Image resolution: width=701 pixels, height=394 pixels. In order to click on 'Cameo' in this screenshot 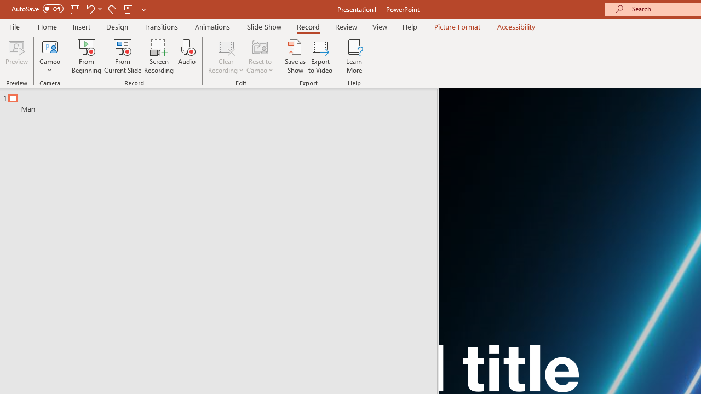, I will do `click(49, 46)`.